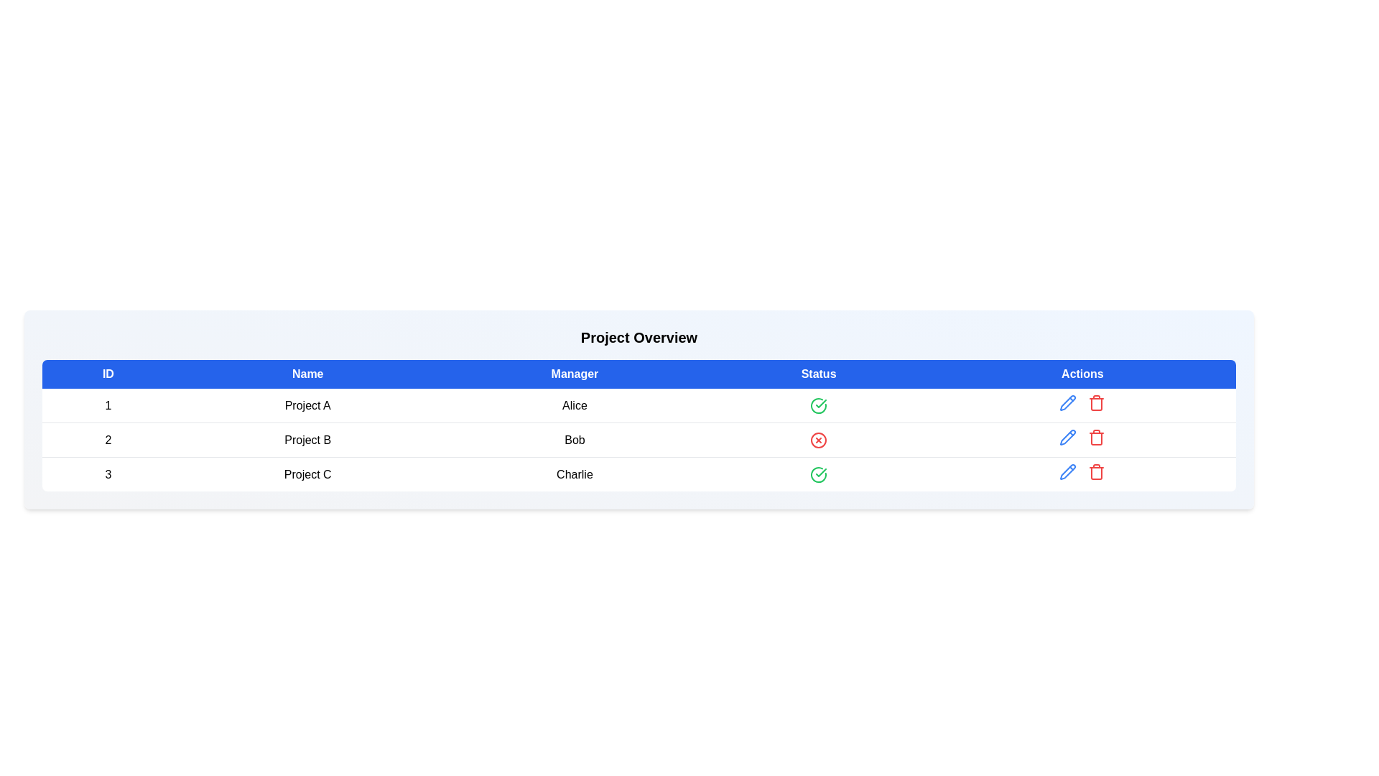 The image size is (1379, 776). What do you see at coordinates (819, 405) in the screenshot?
I see `the project status icon in the third row of the table, indicating a completed or verified project managed by Charlie` at bounding box center [819, 405].